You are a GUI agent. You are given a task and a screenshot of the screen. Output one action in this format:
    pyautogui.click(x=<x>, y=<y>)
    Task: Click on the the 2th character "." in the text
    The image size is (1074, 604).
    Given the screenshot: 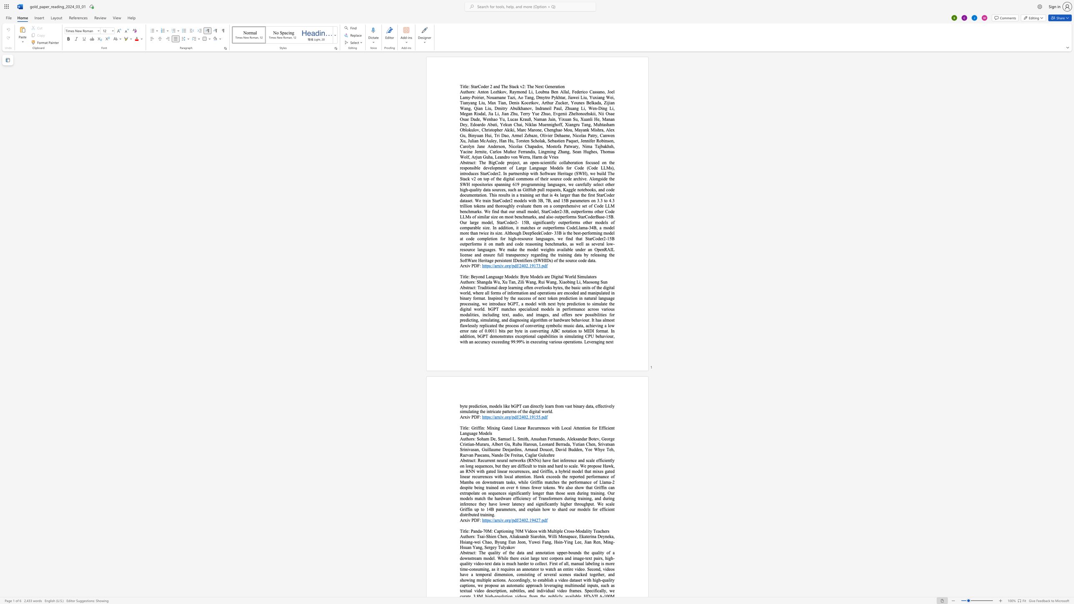 What is the action you would take?
    pyautogui.click(x=528, y=265)
    